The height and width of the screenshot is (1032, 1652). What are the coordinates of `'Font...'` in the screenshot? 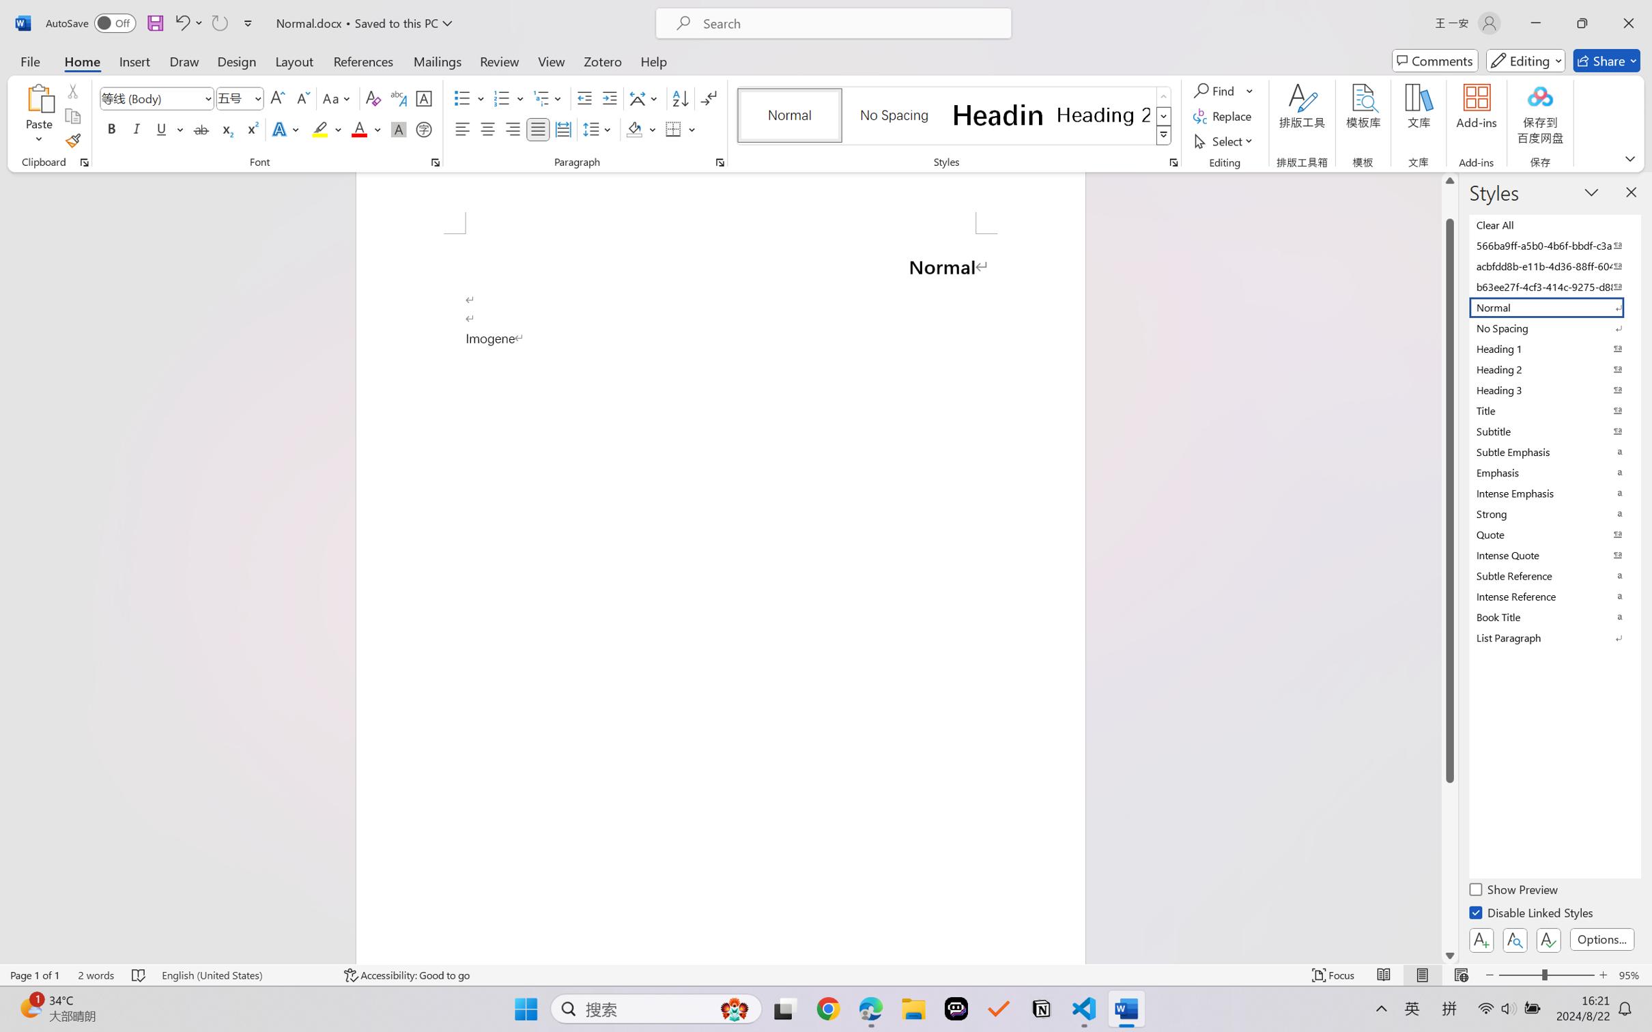 It's located at (435, 162).